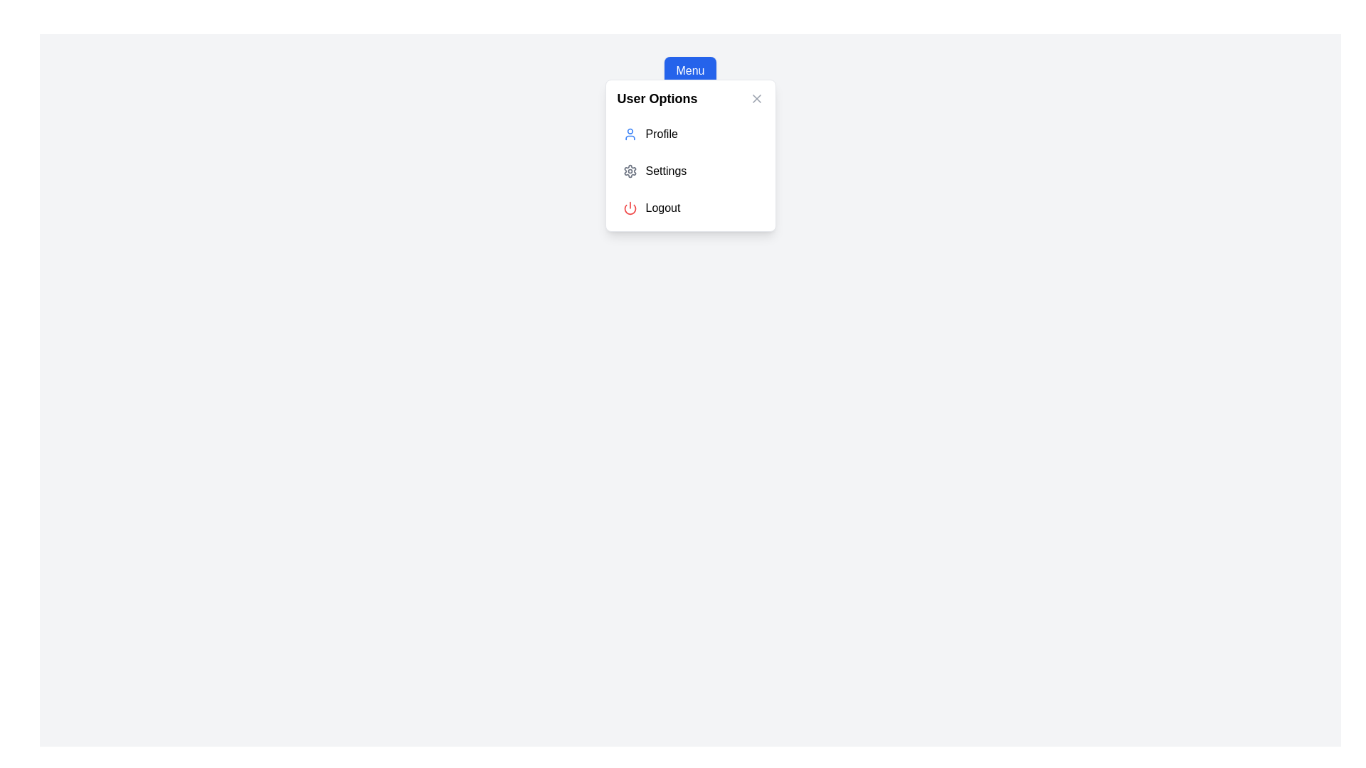 The width and height of the screenshot is (1366, 768). I want to click on the gear-shaped icon located in the 'Settings' menu option under 'User Options', so click(629, 170).